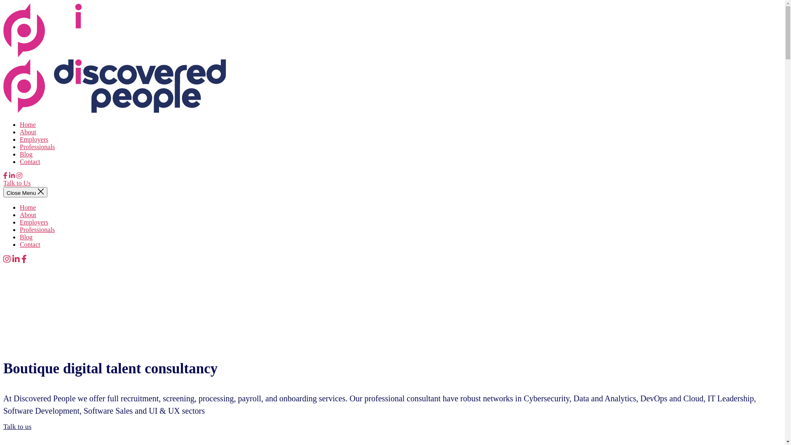  I want to click on 'Professionals', so click(37, 230).